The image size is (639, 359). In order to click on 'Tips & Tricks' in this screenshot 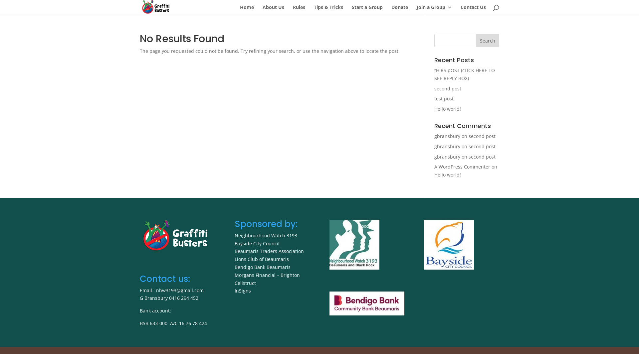, I will do `click(328, 10)`.